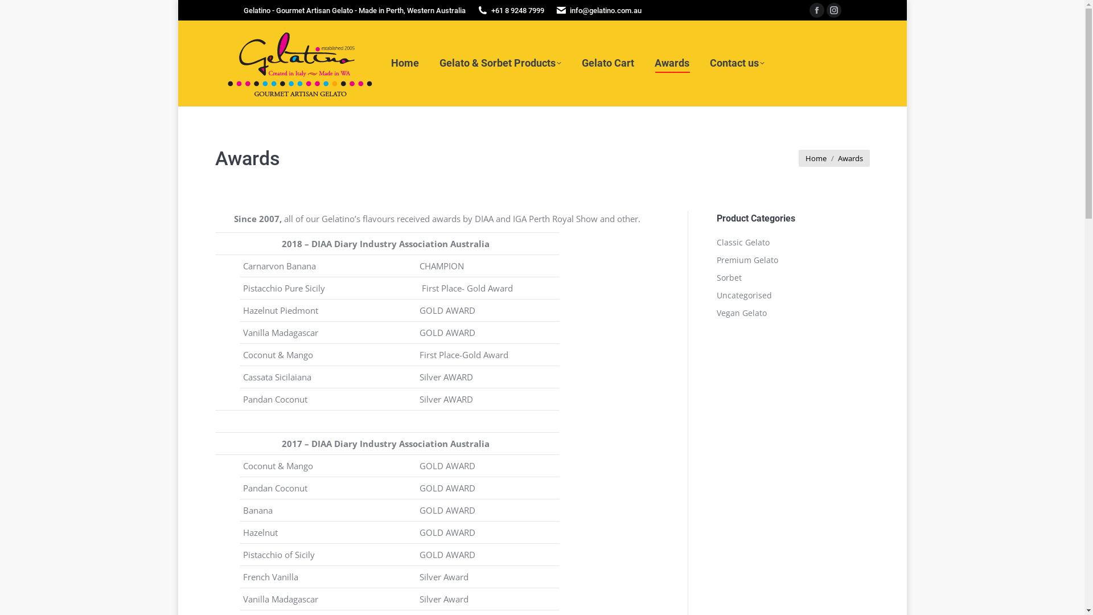  What do you see at coordinates (746, 260) in the screenshot?
I see `'Premium Gelato'` at bounding box center [746, 260].